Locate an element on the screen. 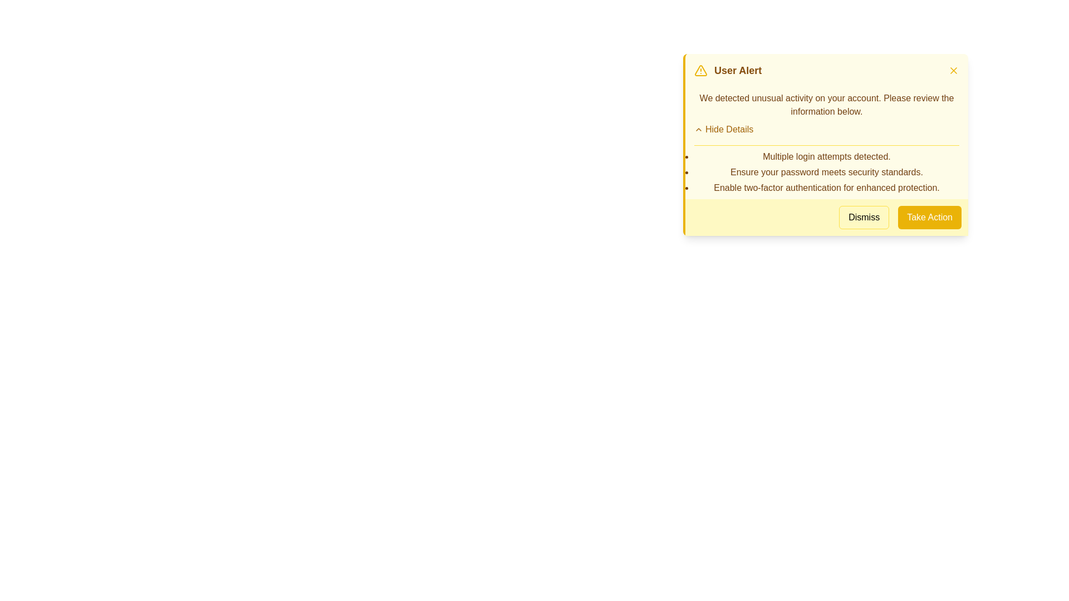  the informational text list with a yellow background and brown text, which provides security-related instructions, located below the 'Hide Details' link and above the 'Dismiss' and 'Take Action' buttons is located at coordinates (826, 170).